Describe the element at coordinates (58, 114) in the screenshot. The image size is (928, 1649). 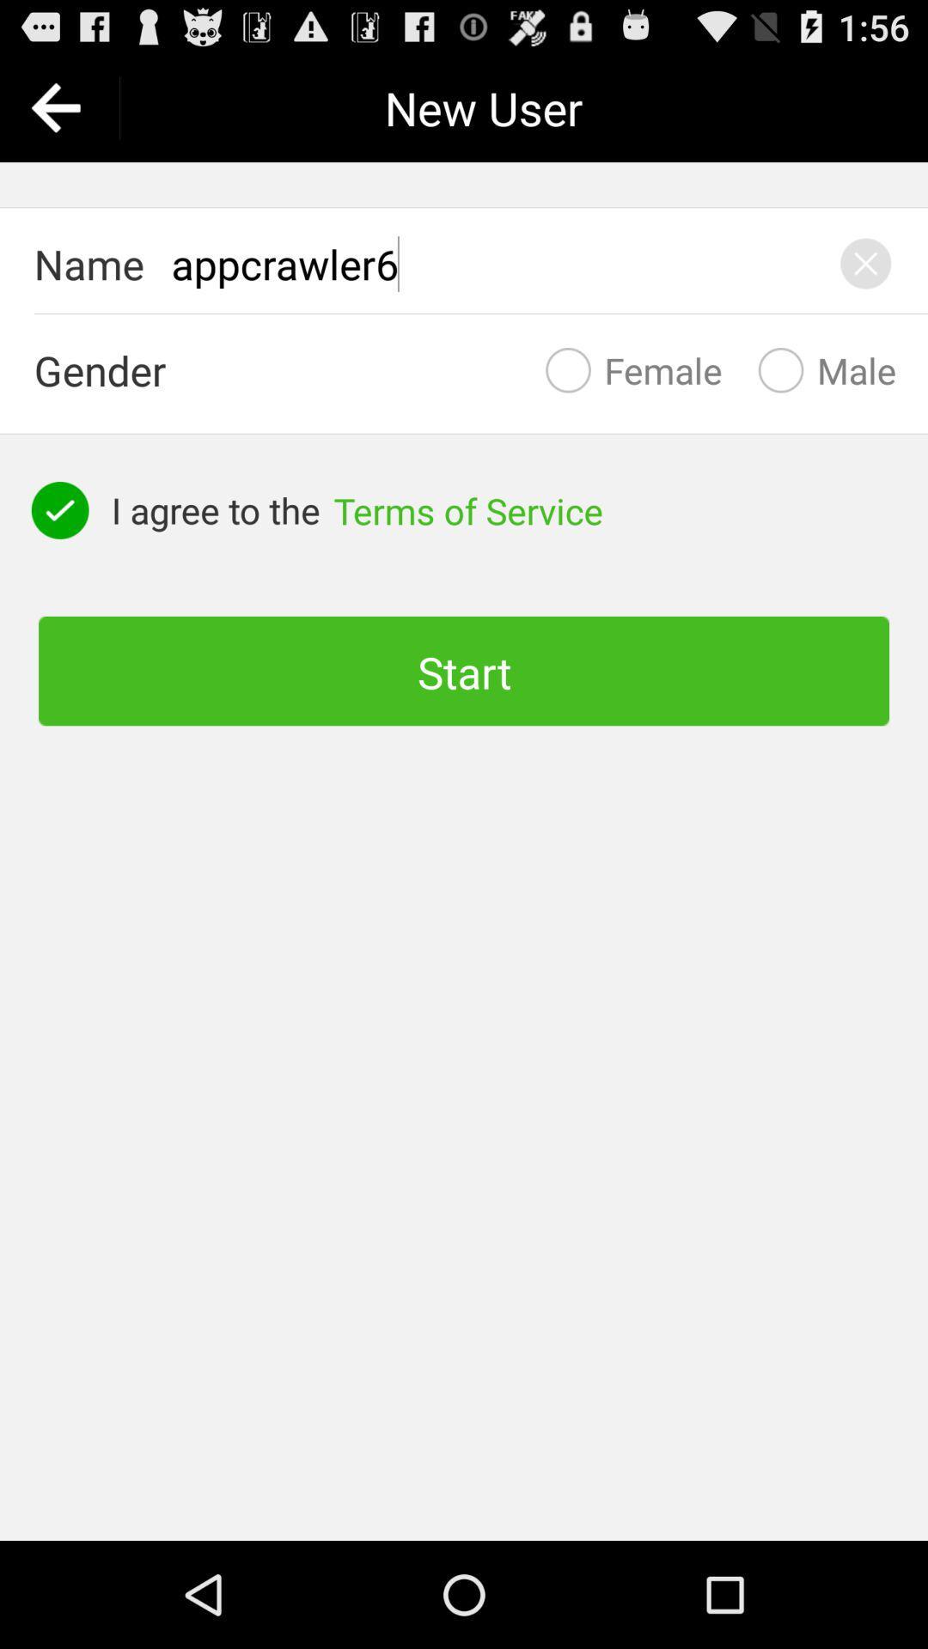
I see `the arrow_backward icon` at that location.